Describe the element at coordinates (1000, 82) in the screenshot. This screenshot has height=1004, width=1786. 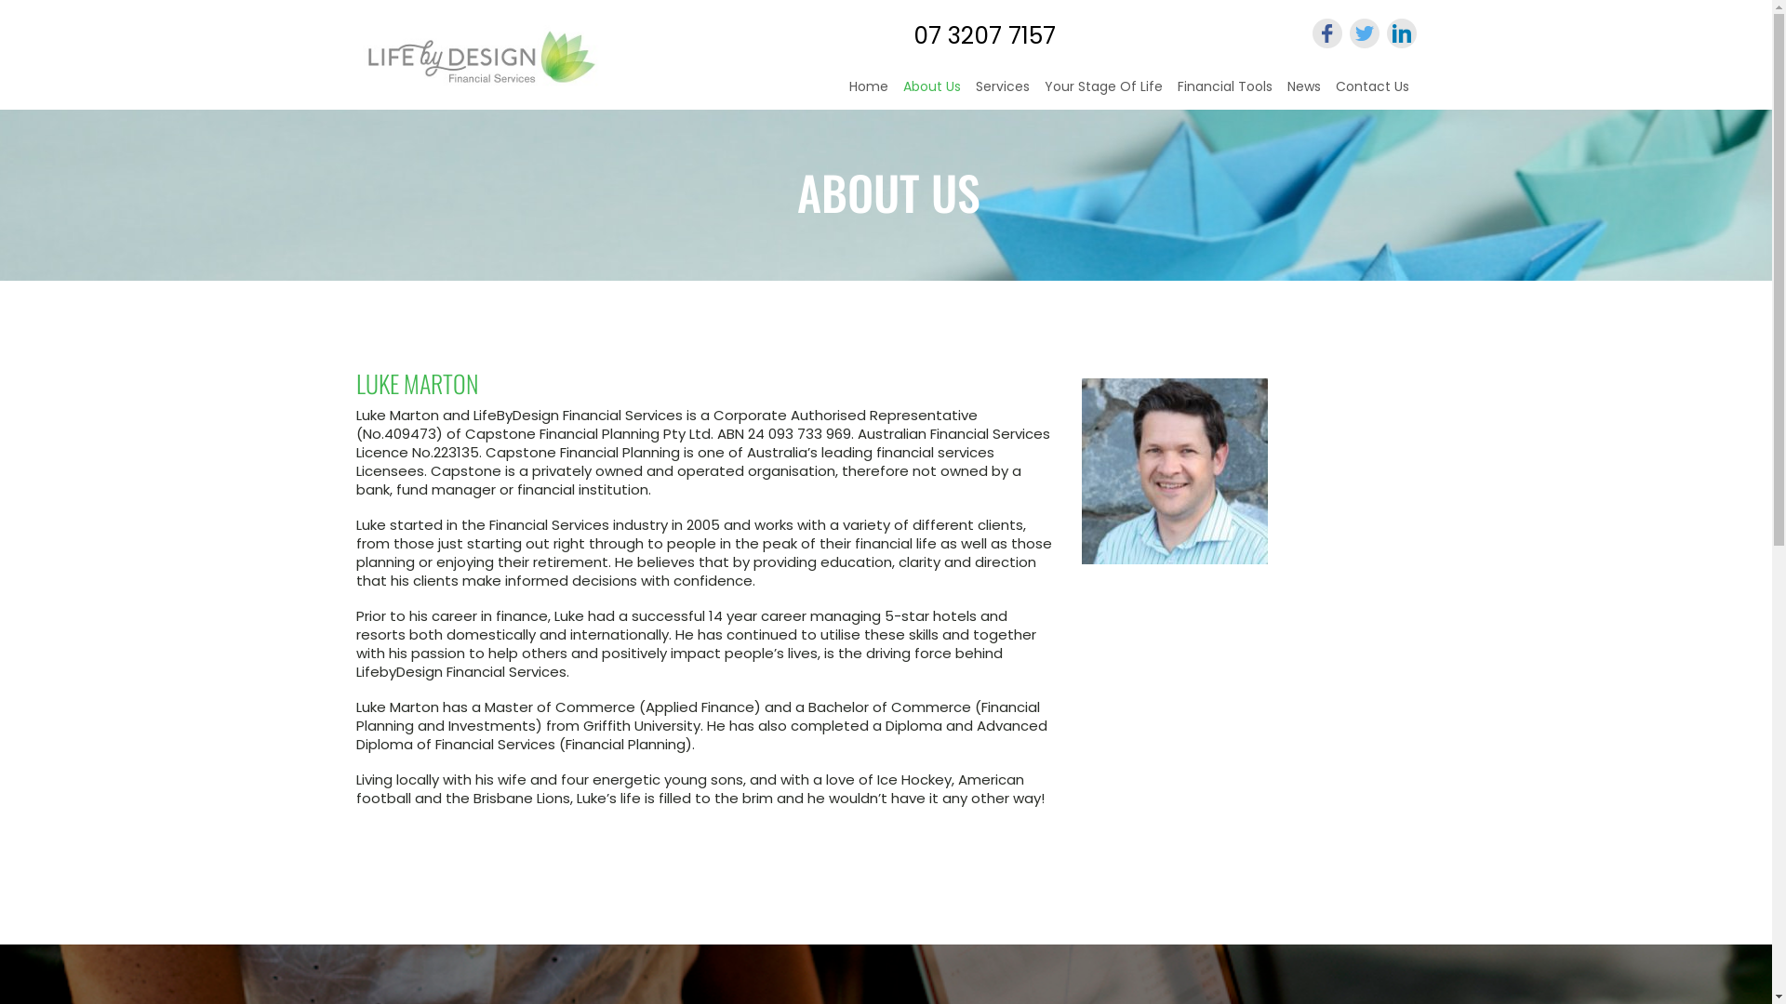
I see `'Services'` at that location.